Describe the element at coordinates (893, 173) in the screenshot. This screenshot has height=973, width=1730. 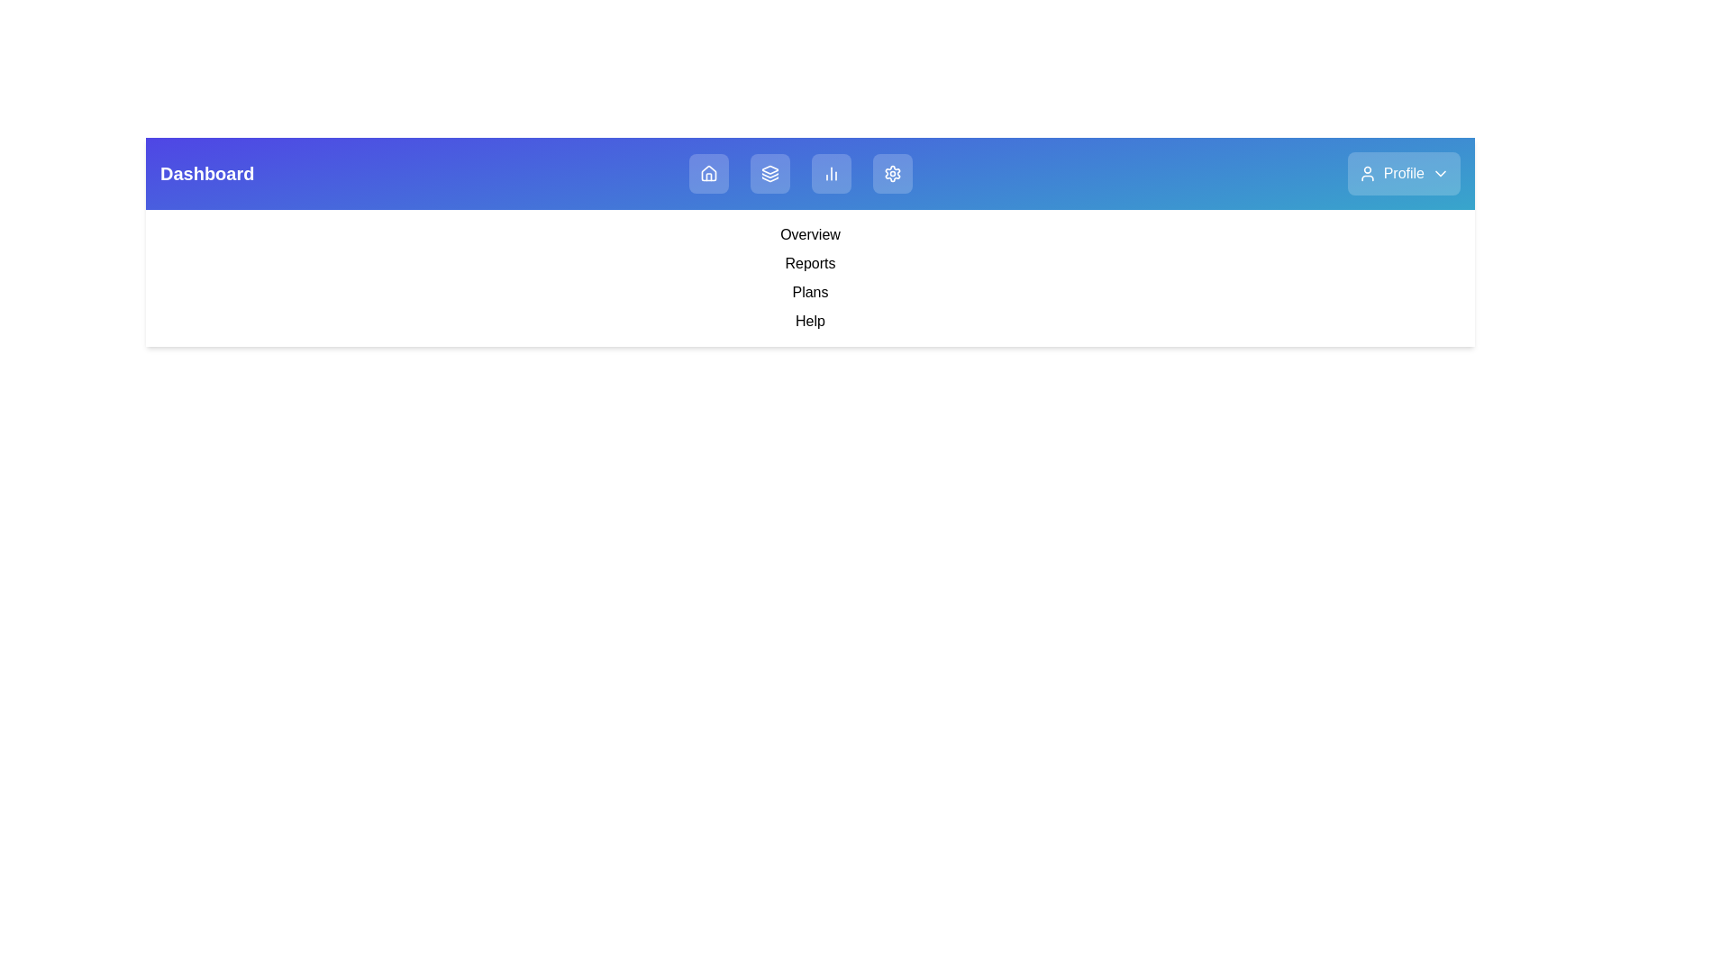
I see `the Settings navigation button` at that location.